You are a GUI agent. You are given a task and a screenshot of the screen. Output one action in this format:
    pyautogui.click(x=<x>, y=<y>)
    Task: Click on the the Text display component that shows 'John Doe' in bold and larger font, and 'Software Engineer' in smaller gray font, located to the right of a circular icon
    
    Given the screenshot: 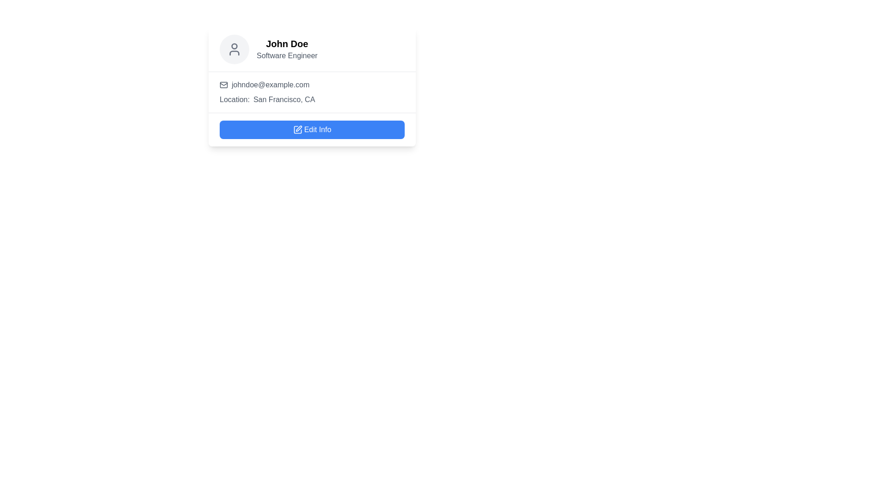 What is the action you would take?
    pyautogui.click(x=286, y=49)
    